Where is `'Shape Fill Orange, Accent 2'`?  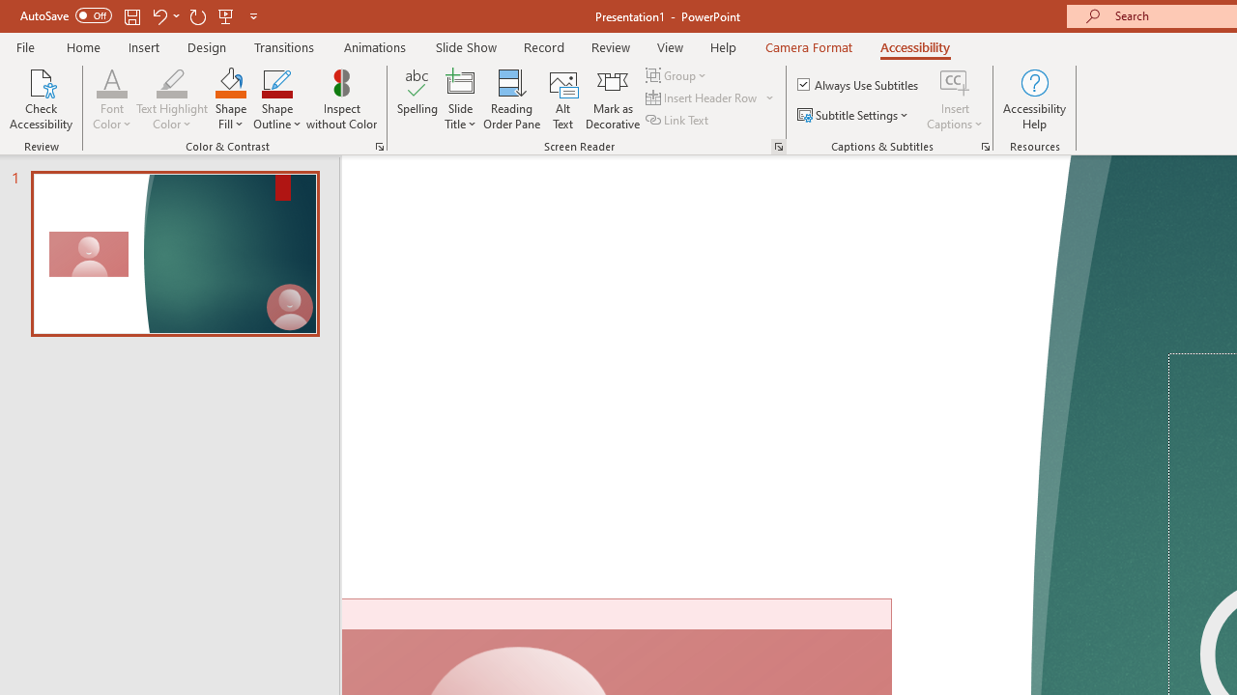 'Shape Fill Orange, Accent 2' is located at coordinates (230, 81).